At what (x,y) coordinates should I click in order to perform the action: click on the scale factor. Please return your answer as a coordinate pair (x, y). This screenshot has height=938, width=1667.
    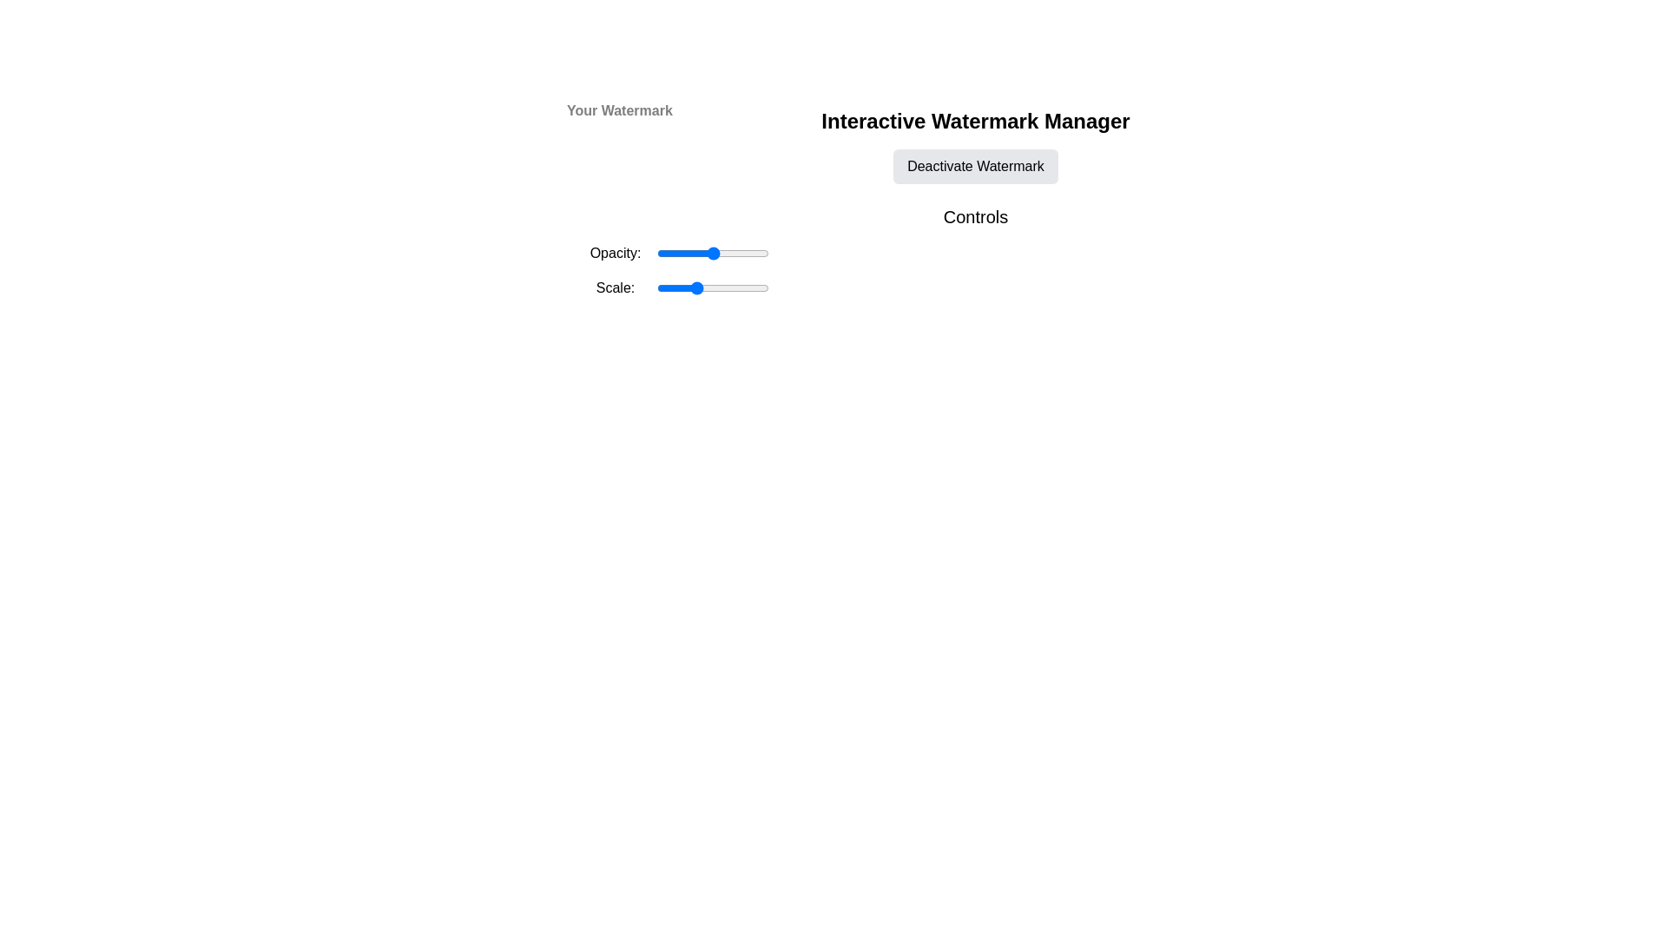
    Looking at the image, I should click on (695, 281).